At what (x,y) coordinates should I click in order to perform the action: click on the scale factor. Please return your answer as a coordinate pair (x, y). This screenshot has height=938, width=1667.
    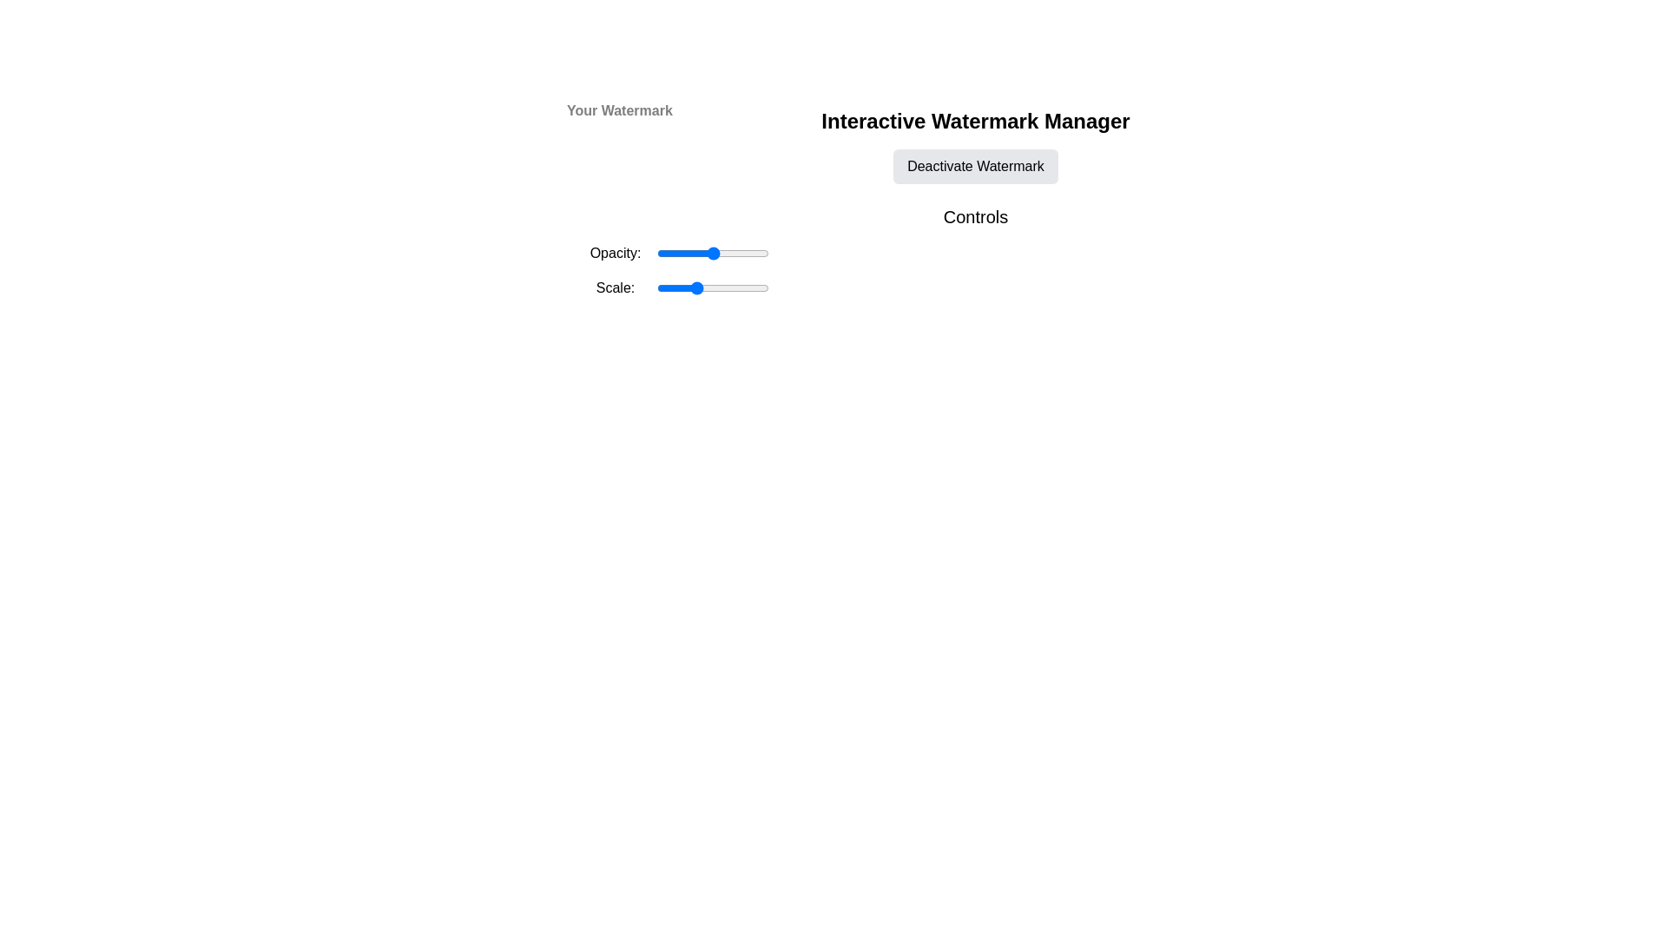
    Looking at the image, I should click on (695, 281).